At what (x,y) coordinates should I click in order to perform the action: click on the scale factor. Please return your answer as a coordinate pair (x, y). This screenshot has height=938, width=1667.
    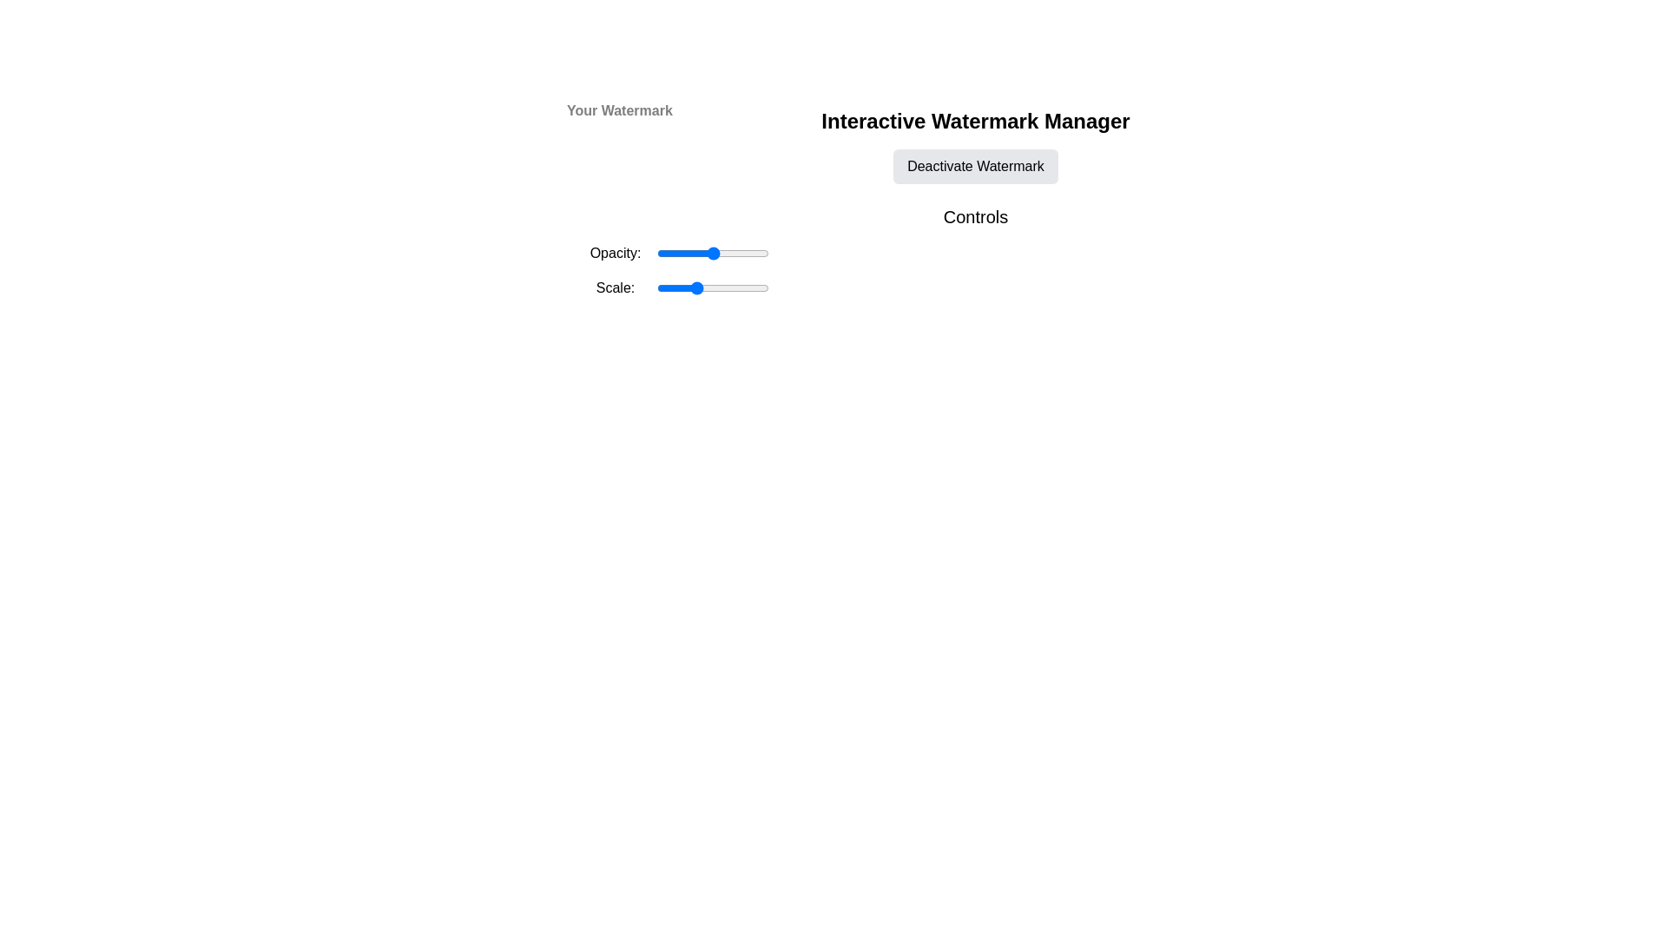
    Looking at the image, I should click on (695, 281).